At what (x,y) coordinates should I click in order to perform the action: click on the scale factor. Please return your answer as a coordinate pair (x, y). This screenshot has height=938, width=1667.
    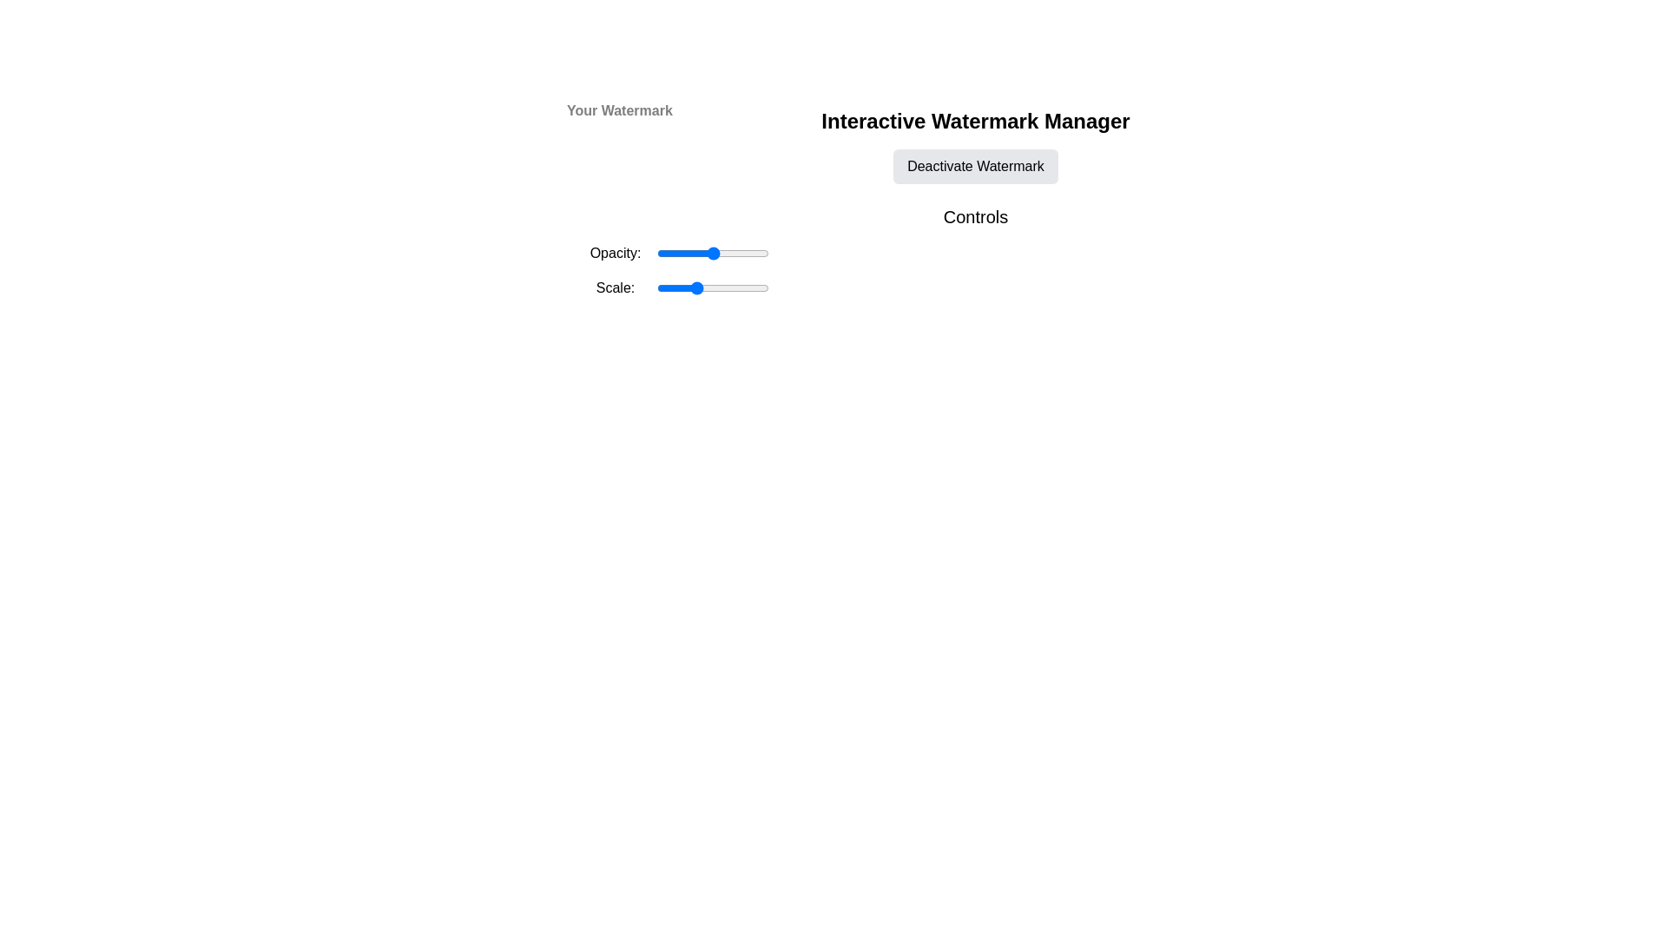
    Looking at the image, I should click on (695, 281).